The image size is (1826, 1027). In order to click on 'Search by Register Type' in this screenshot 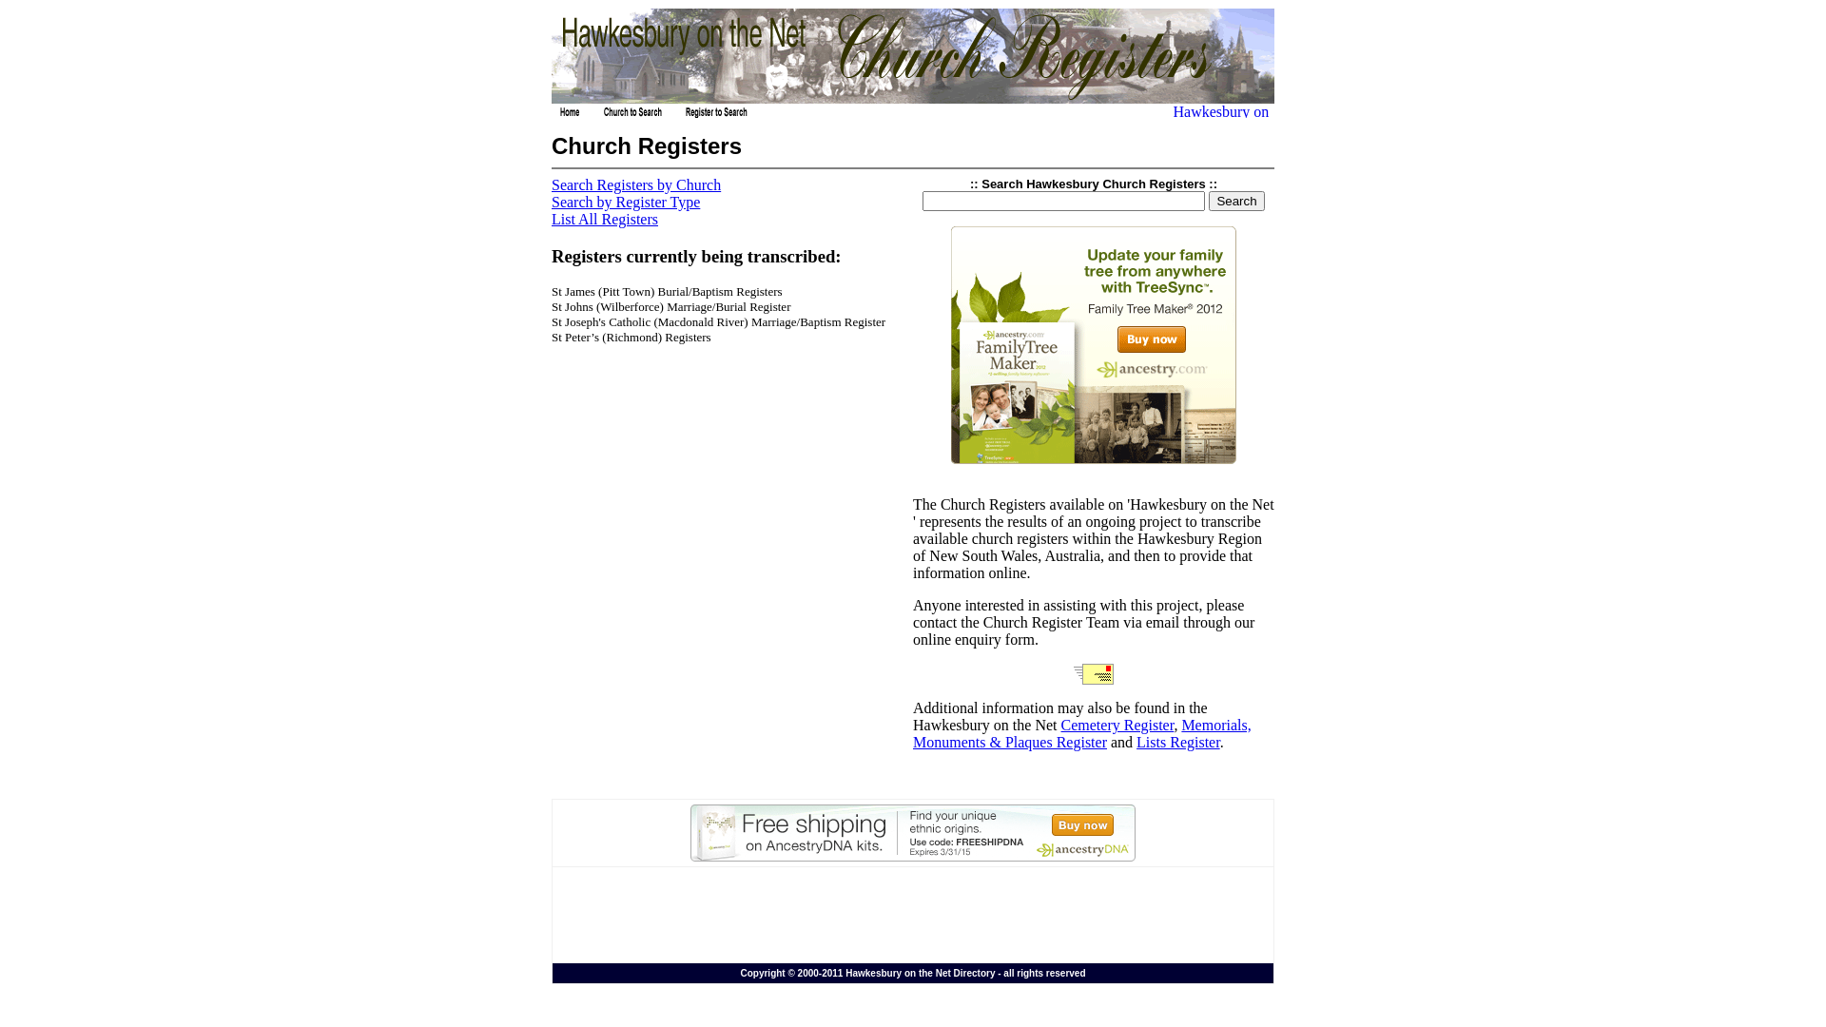, I will do `click(625, 202)`.